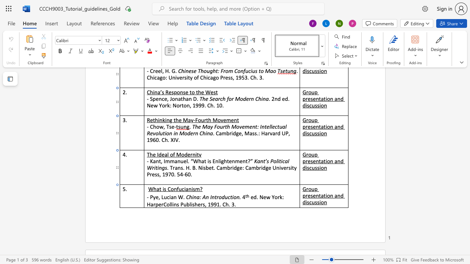 The image size is (470, 264). I want to click on the space between the continuous character "s" and "s" in the text, so click(317, 168).